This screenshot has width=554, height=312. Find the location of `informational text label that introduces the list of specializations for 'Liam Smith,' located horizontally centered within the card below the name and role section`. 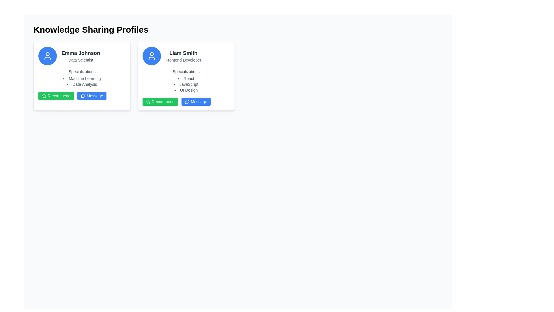

informational text label that introduces the list of specializations for 'Liam Smith,' located horizontally centered within the card below the name and role section is located at coordinates (186, 71).